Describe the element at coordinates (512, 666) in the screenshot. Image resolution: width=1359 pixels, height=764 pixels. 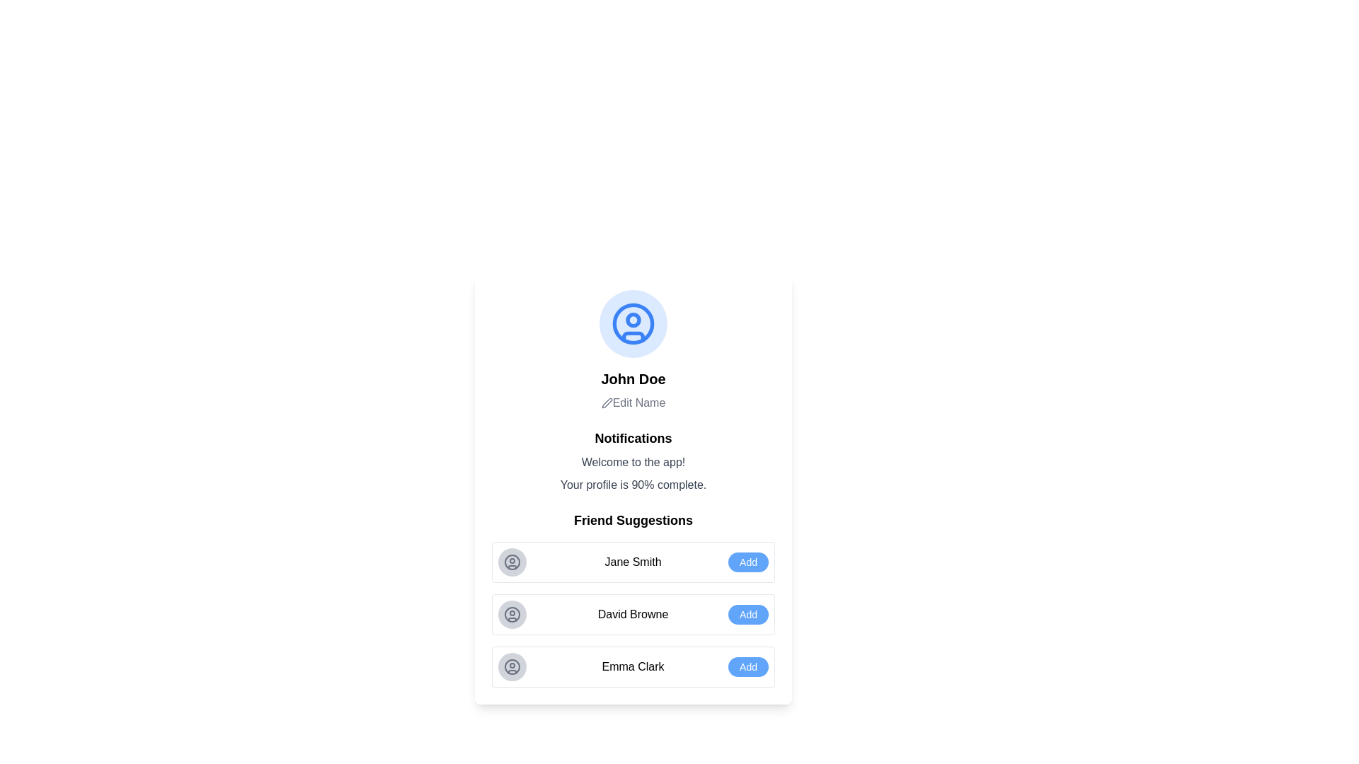
I see `the profile avatar icon located in the Friend Suggestions section, which is a circular outline-style icon representing a user's profile picture, positioned to the left of 'Emma Clark'` at that location.